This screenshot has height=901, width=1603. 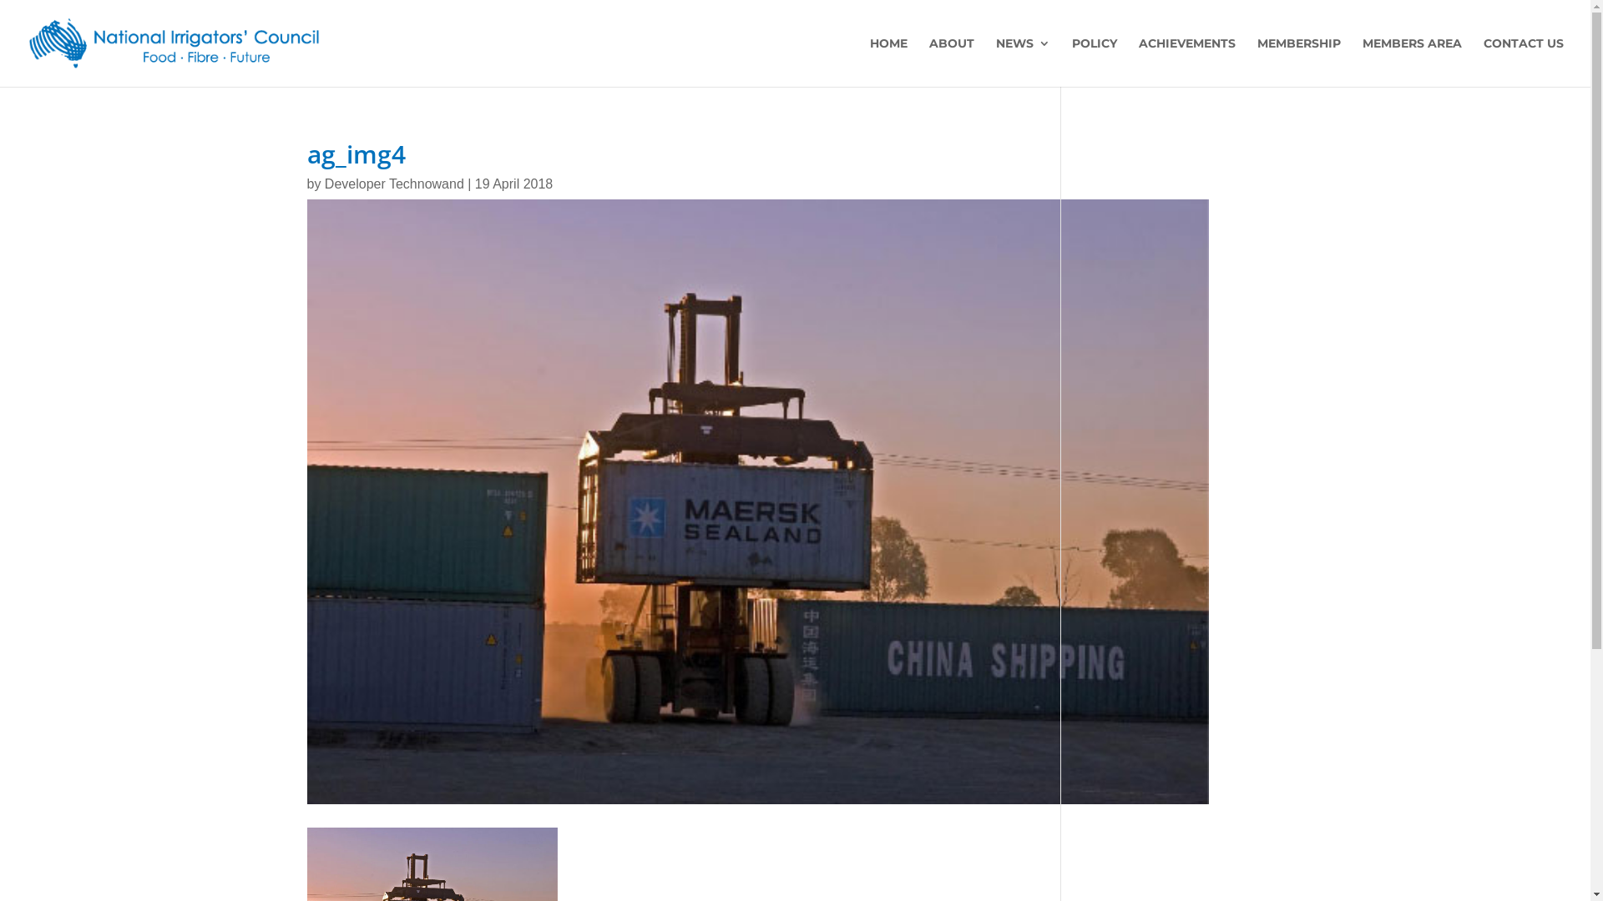 I want to click on 'ACHIEVEMENTS', so click(x=1186, y=61).